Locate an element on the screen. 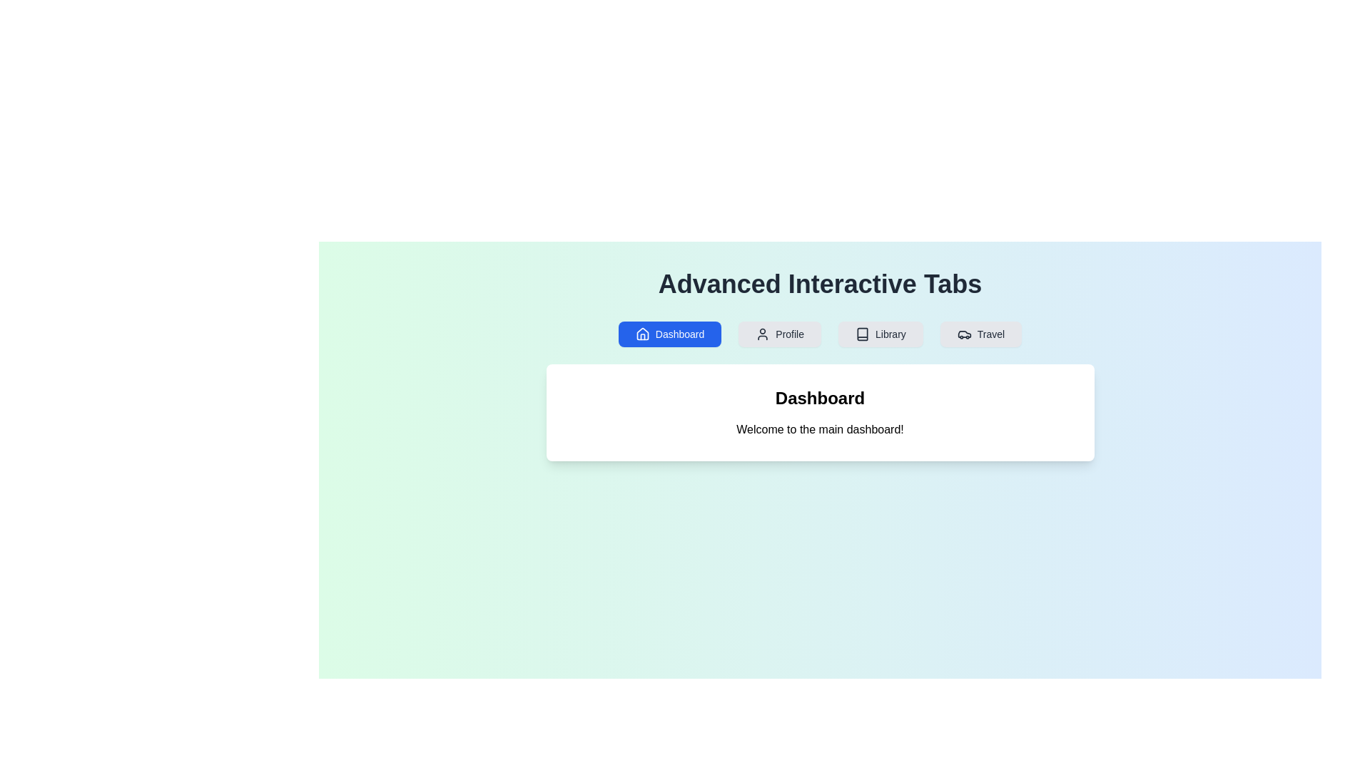 The width and height of the screenshot is (1370, 770). 'Library' text label located in the horizontal navigation bar, positioned between the 'Profile' and 'Travel' tabs is located at coordinates (890, 334).